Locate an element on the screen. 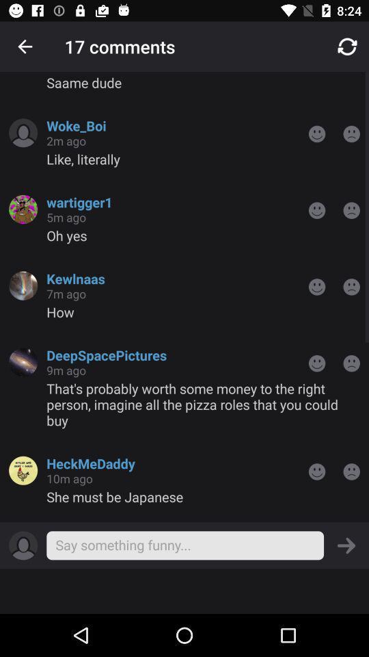  the arrow_forward icon is located at coordinates (346, 545).